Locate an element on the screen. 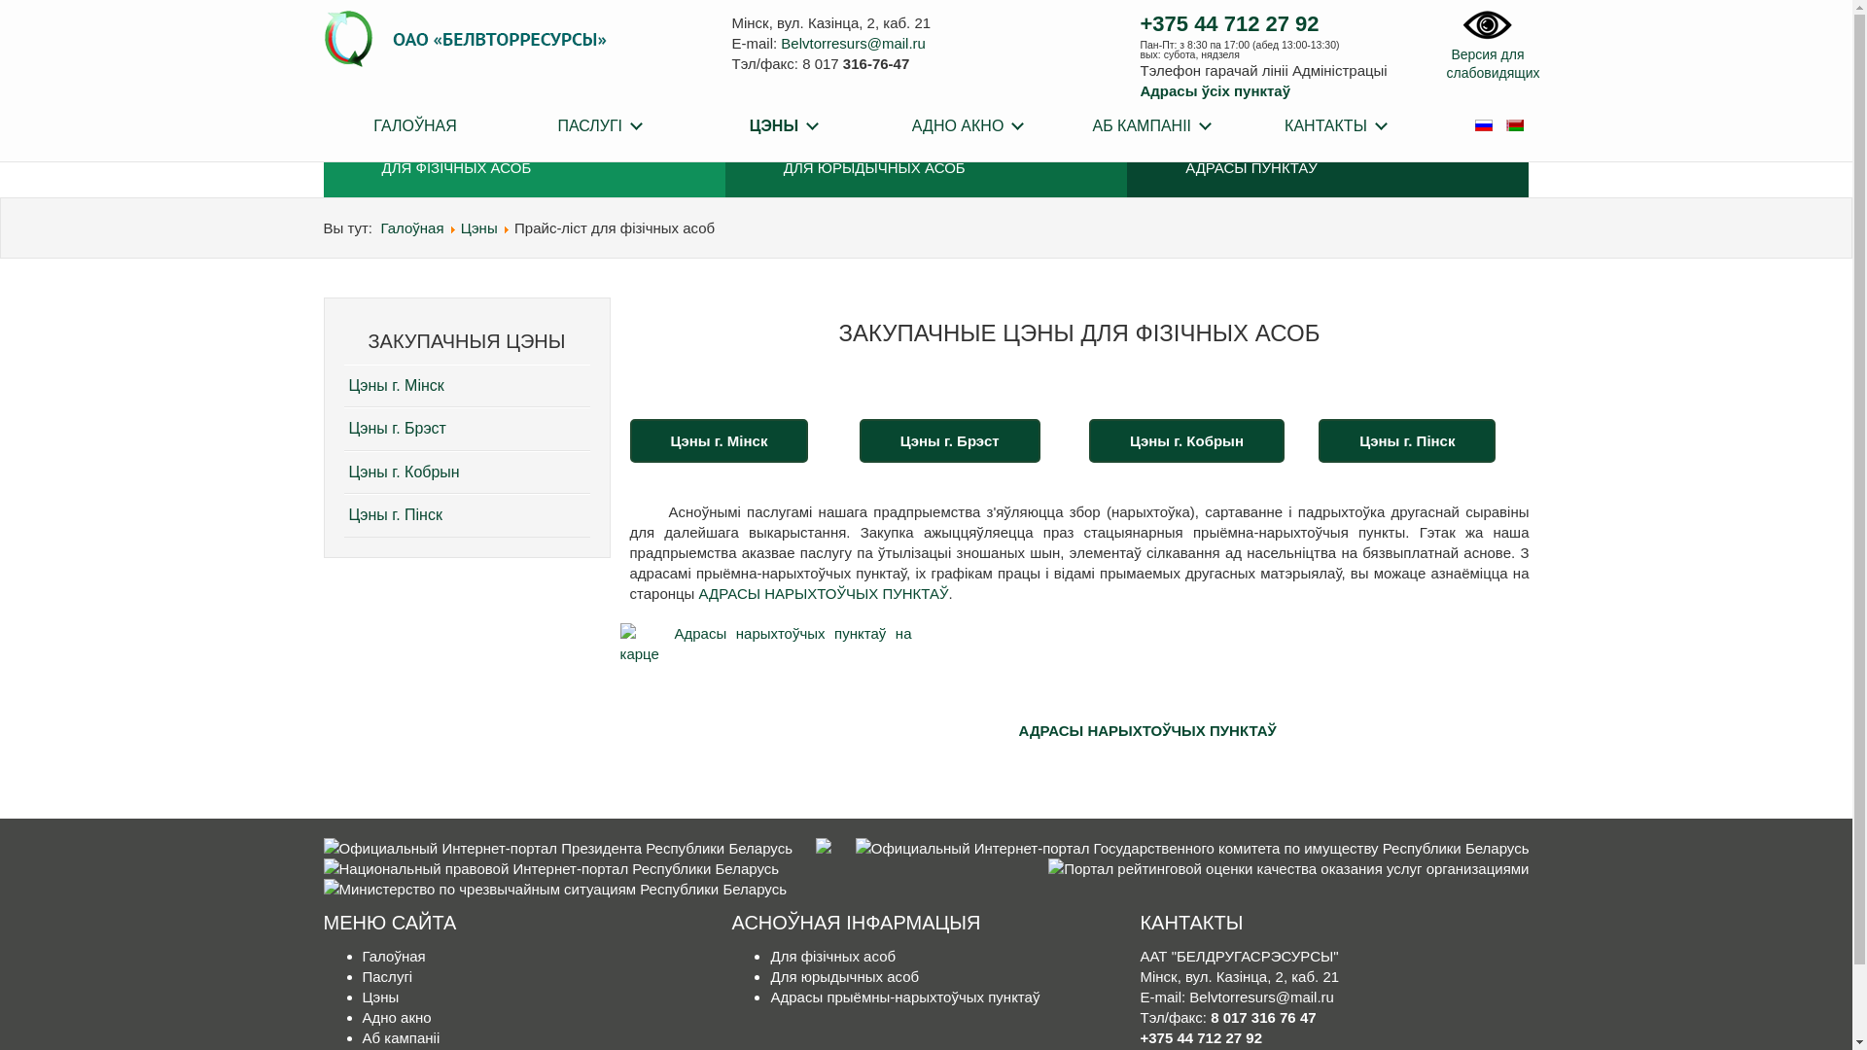 Image resolution: width=1867 pixels, height=1050 pixels. 'Belvtorresurs@mail.ru' is located at coordinates (853, 43).